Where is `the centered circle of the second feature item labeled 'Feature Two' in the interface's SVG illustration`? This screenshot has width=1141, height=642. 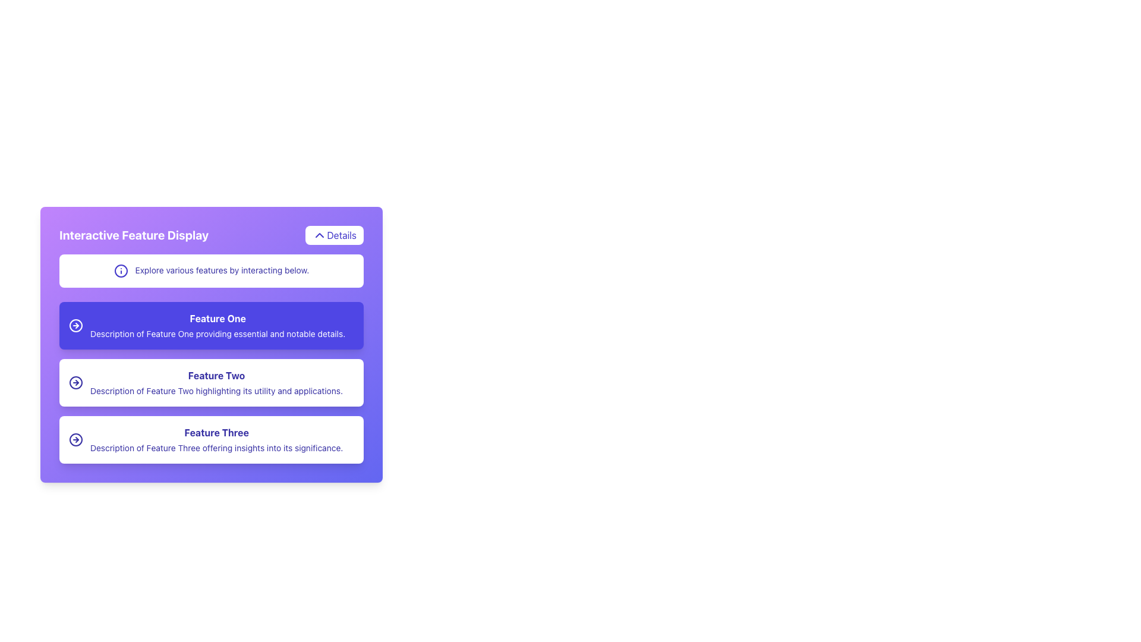 the centered circle of the second feature item labeled 'Feature Two' in the interface's SVG illustration is located at coordinates (75, 383).